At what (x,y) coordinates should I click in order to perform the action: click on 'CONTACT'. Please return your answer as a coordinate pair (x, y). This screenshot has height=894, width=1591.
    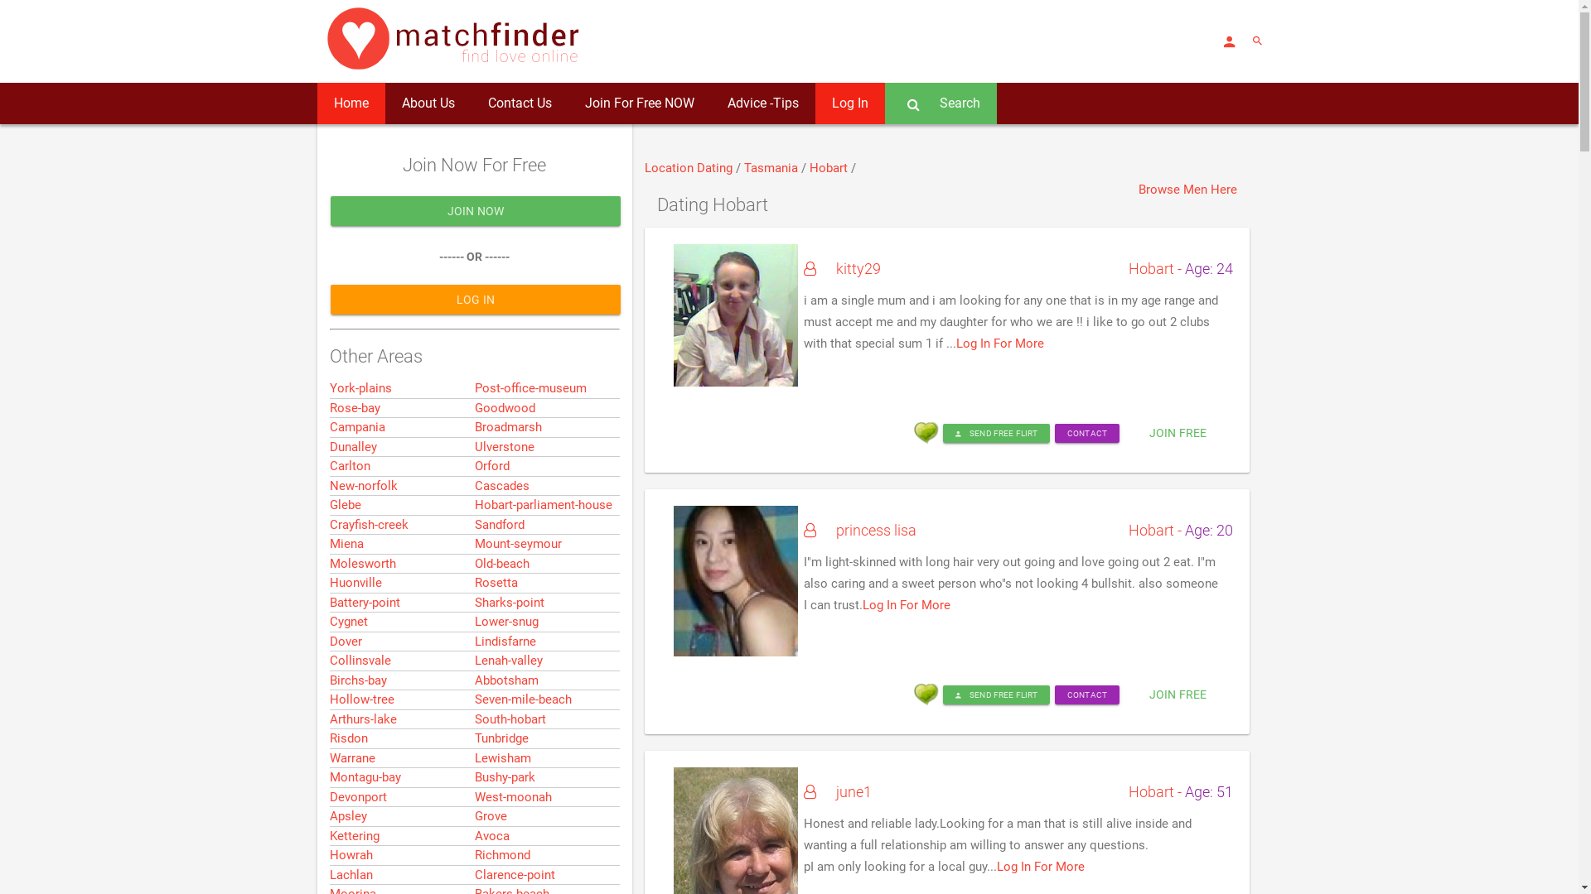
    Looking at the image, I should click on (1086, 432).